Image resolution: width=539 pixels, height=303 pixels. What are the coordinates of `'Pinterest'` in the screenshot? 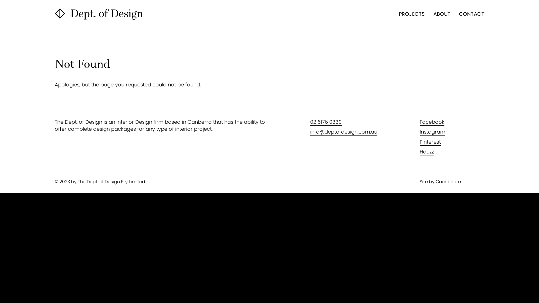 It's located at (430, 141).